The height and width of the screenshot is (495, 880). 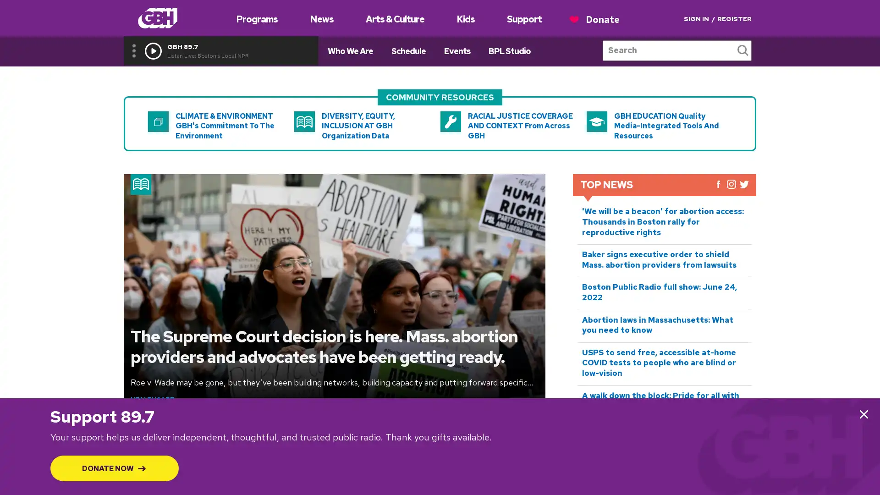 I want to click on Play audio, so click(x=153, y=50).